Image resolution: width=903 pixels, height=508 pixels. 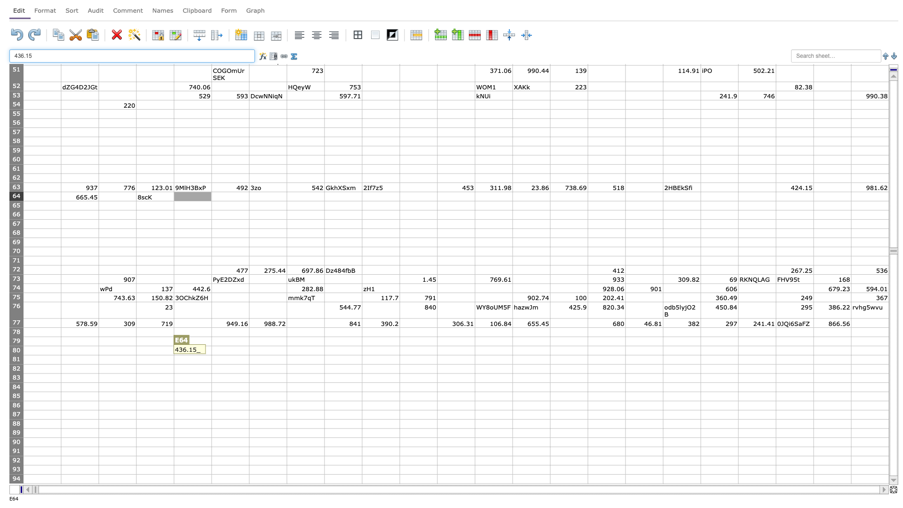 I want to click on top left corner of G80, so click(x=249, y=346).